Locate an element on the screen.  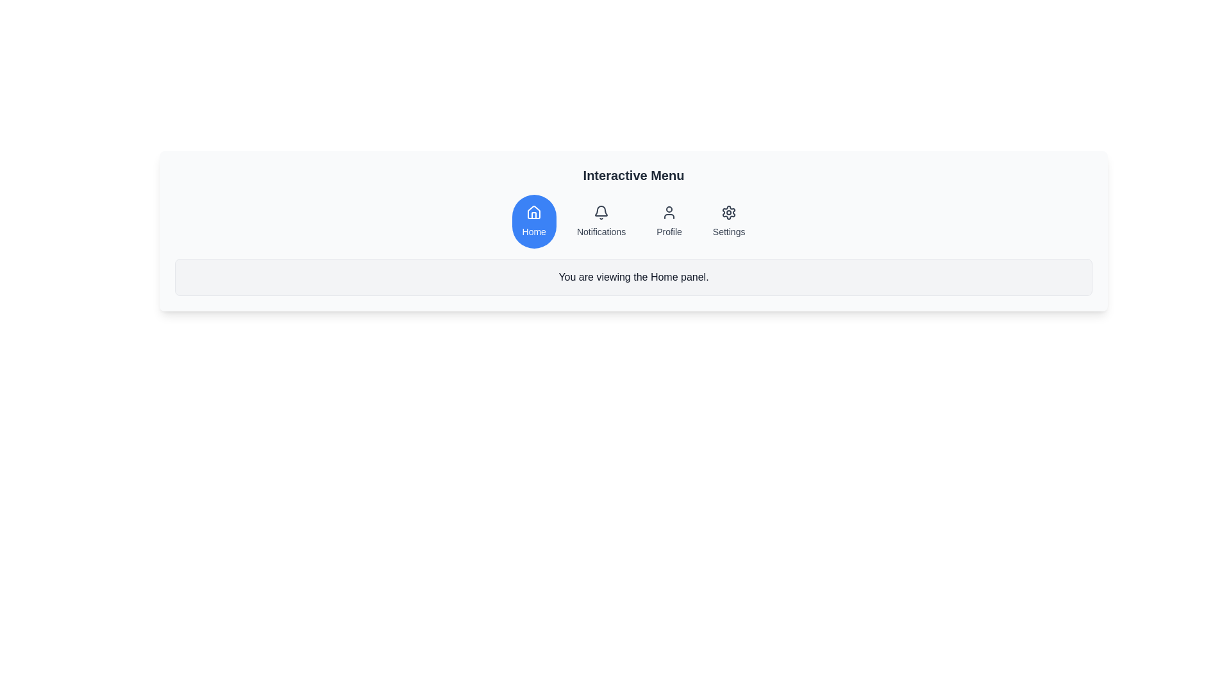
the settings icon is located at coordinates (729, 211).